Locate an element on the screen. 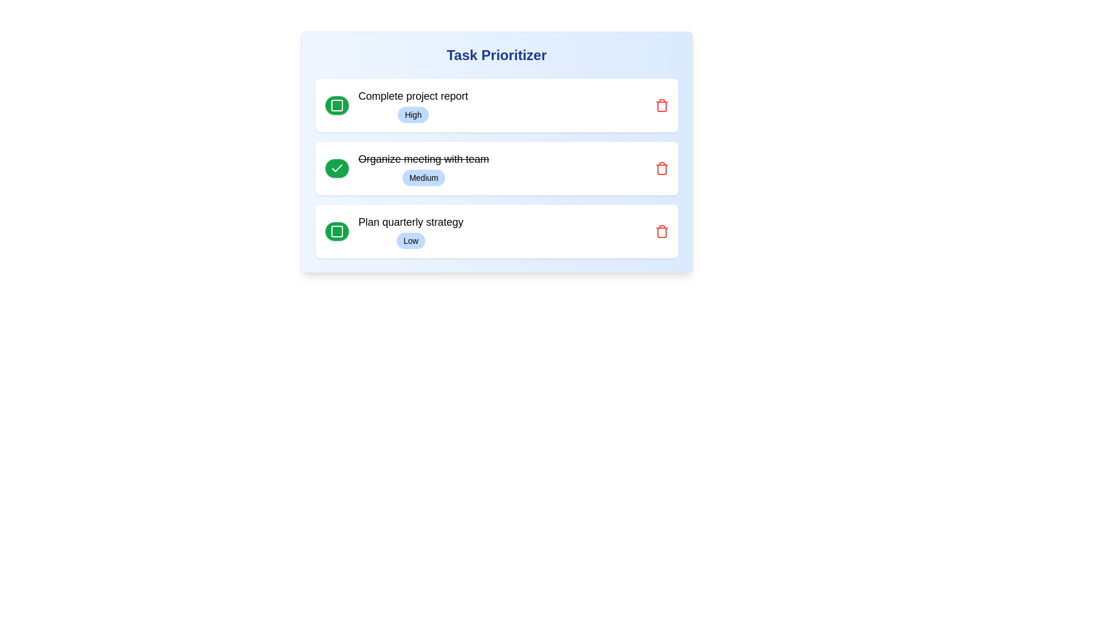 The image size is (1120, 630). the interactive checkbox located in the first item of the vertical list within the Task Prioritizer component to change its state is located at coordinates (336, 106).